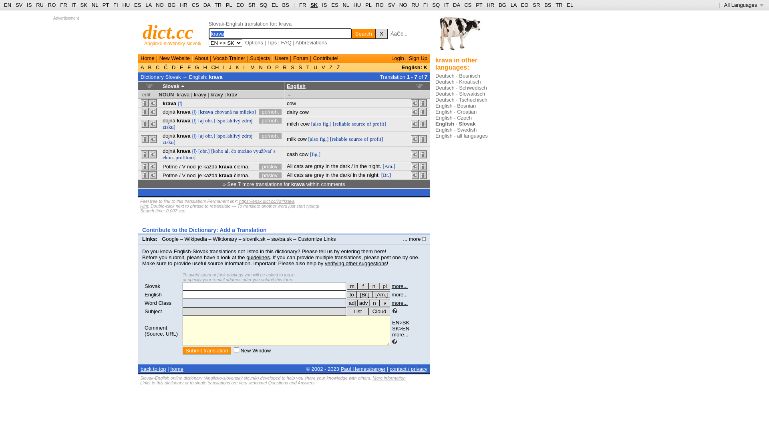 This screenshot has height=432, width=769. I want to click on 'al.', so click(227, 151).